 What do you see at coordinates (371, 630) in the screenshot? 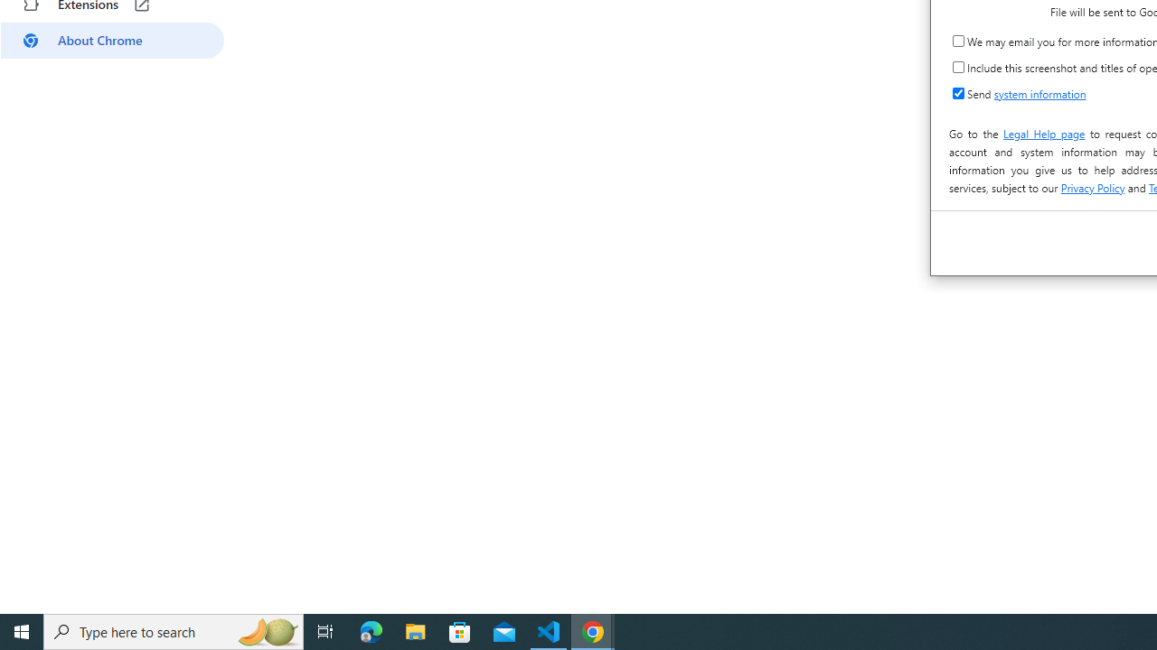
I see `'Microsoft Edge'` at bounding box center [371, 630].